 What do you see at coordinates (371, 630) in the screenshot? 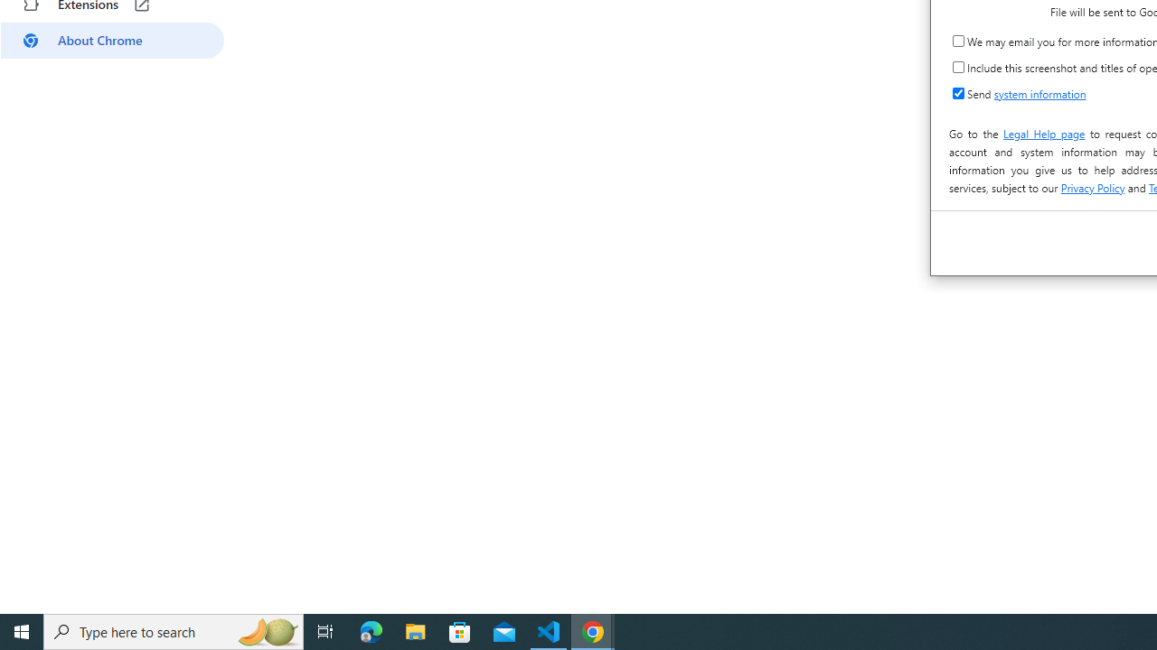
I see `'Microsoft Edge'` at bounding box center [371, 630].